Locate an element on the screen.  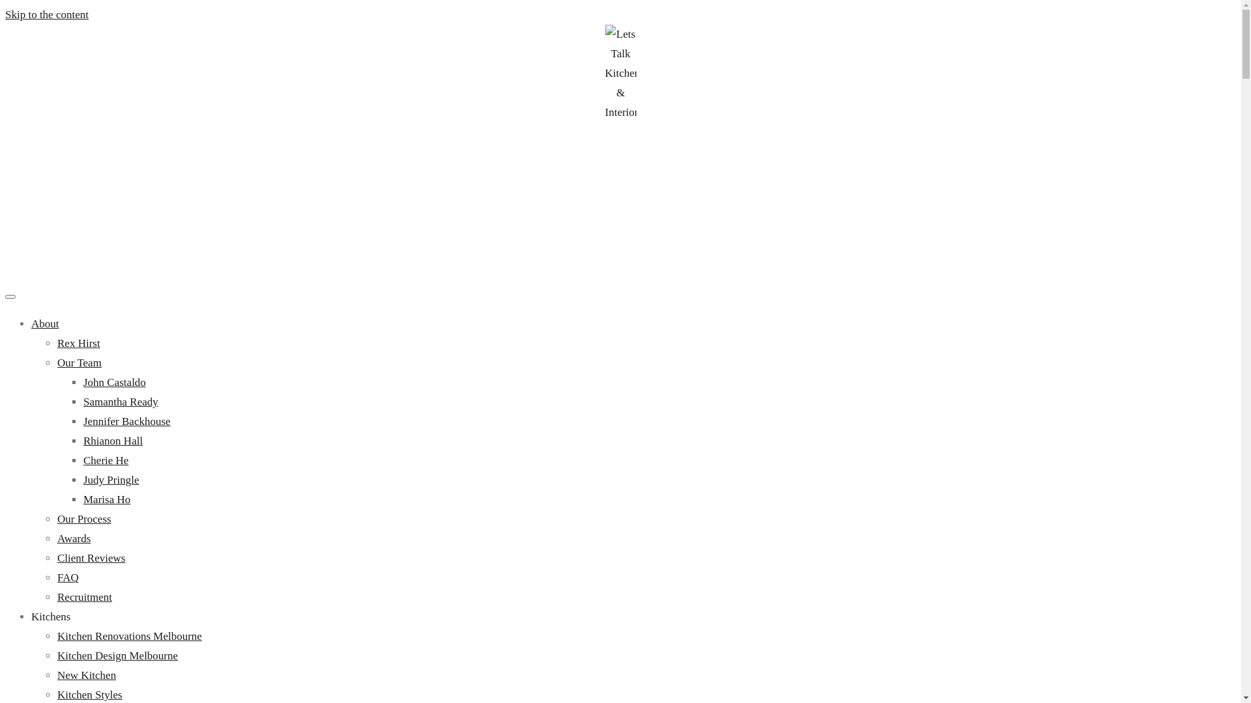
'Jennifer Backhouse' is located at coordinates (127, 421).